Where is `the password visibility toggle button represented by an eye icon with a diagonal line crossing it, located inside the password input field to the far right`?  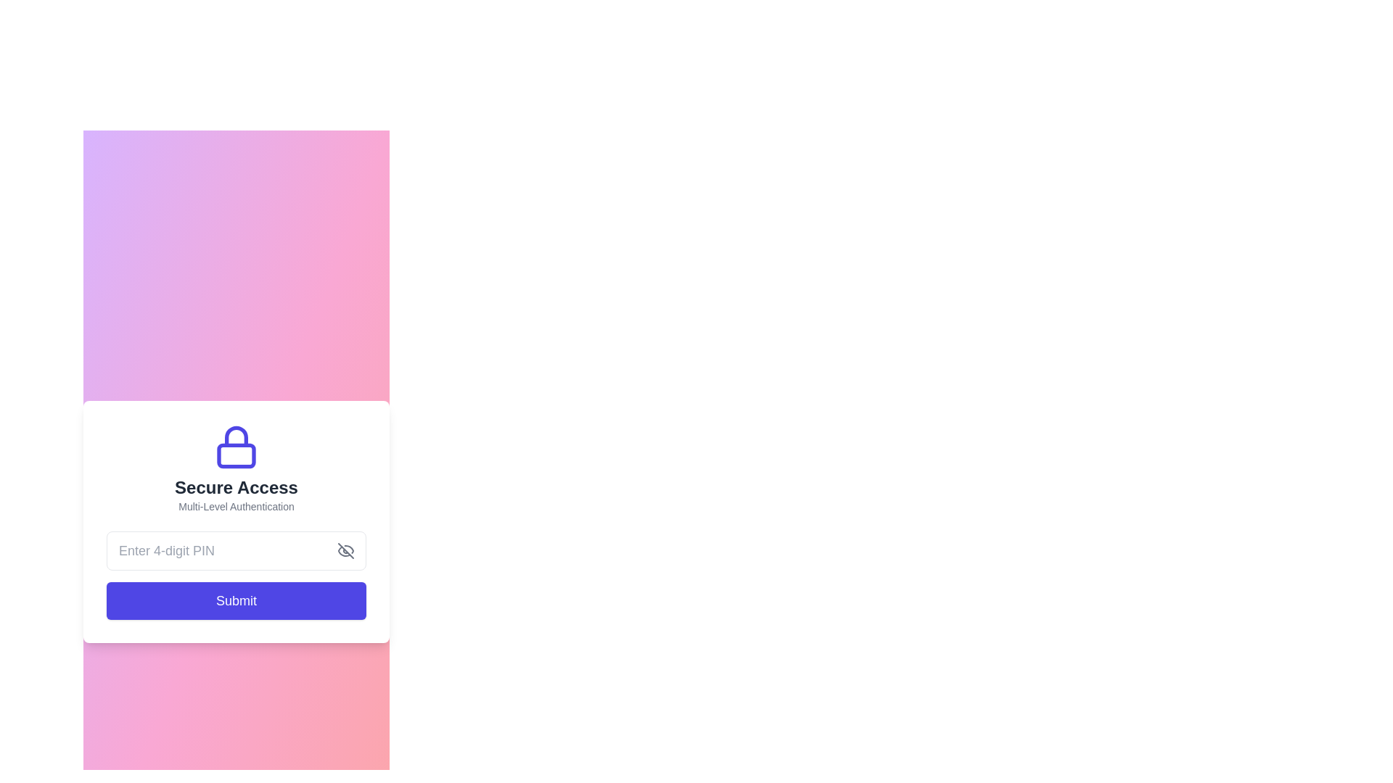
the password visibility toggle button represented by an eye icon with a diagonal line crossing it, located inside the password input field to the far right is located at coordinates (345, 550).